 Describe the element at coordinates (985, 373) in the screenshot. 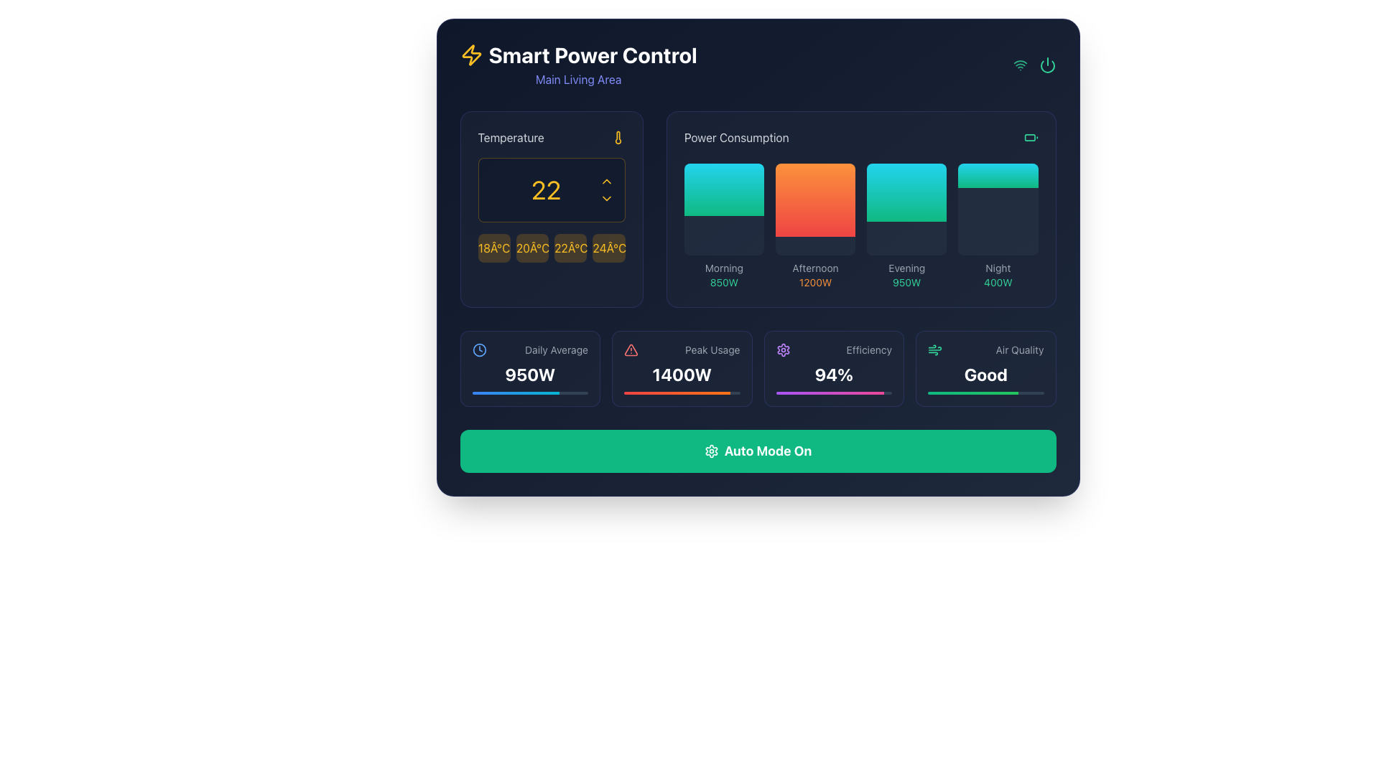

I see `the air quality status text label located in the 'Air Quality' section, positioned below the section label 'Air Quality' and next to a gradient progress bar` at that location.